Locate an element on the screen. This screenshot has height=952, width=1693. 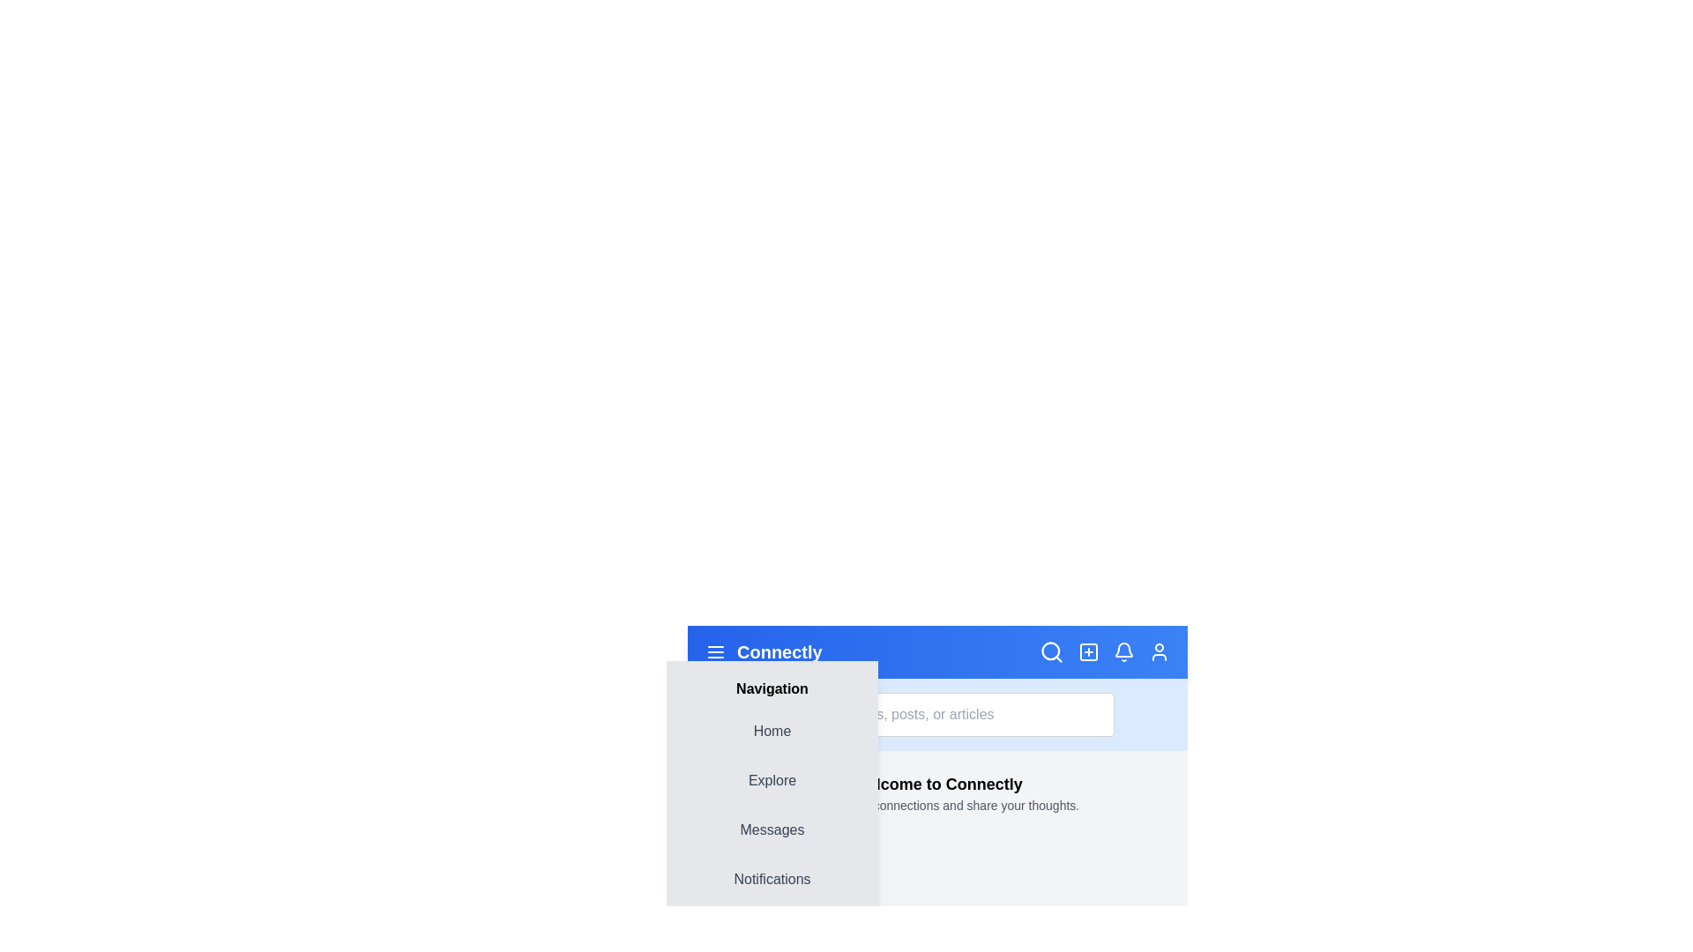
the search icon to toggle the search bar's visibility is located at coordinates (1052, 652).